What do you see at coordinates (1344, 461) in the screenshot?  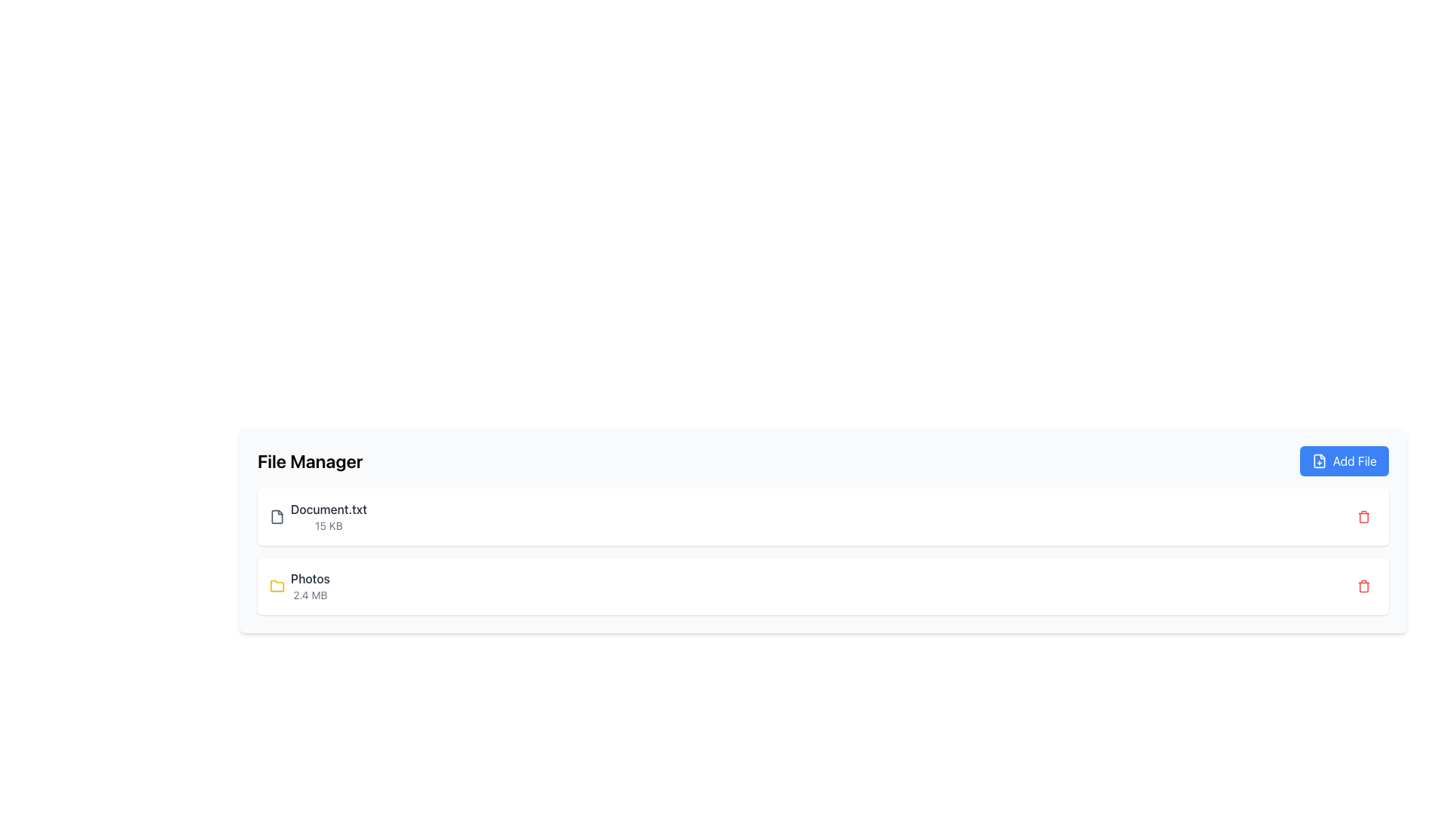 I see `the 'Add File' button located at the top-right corner of the 'File Manager' interface to initiate the file addition process` at bounding box center [1344, 461].